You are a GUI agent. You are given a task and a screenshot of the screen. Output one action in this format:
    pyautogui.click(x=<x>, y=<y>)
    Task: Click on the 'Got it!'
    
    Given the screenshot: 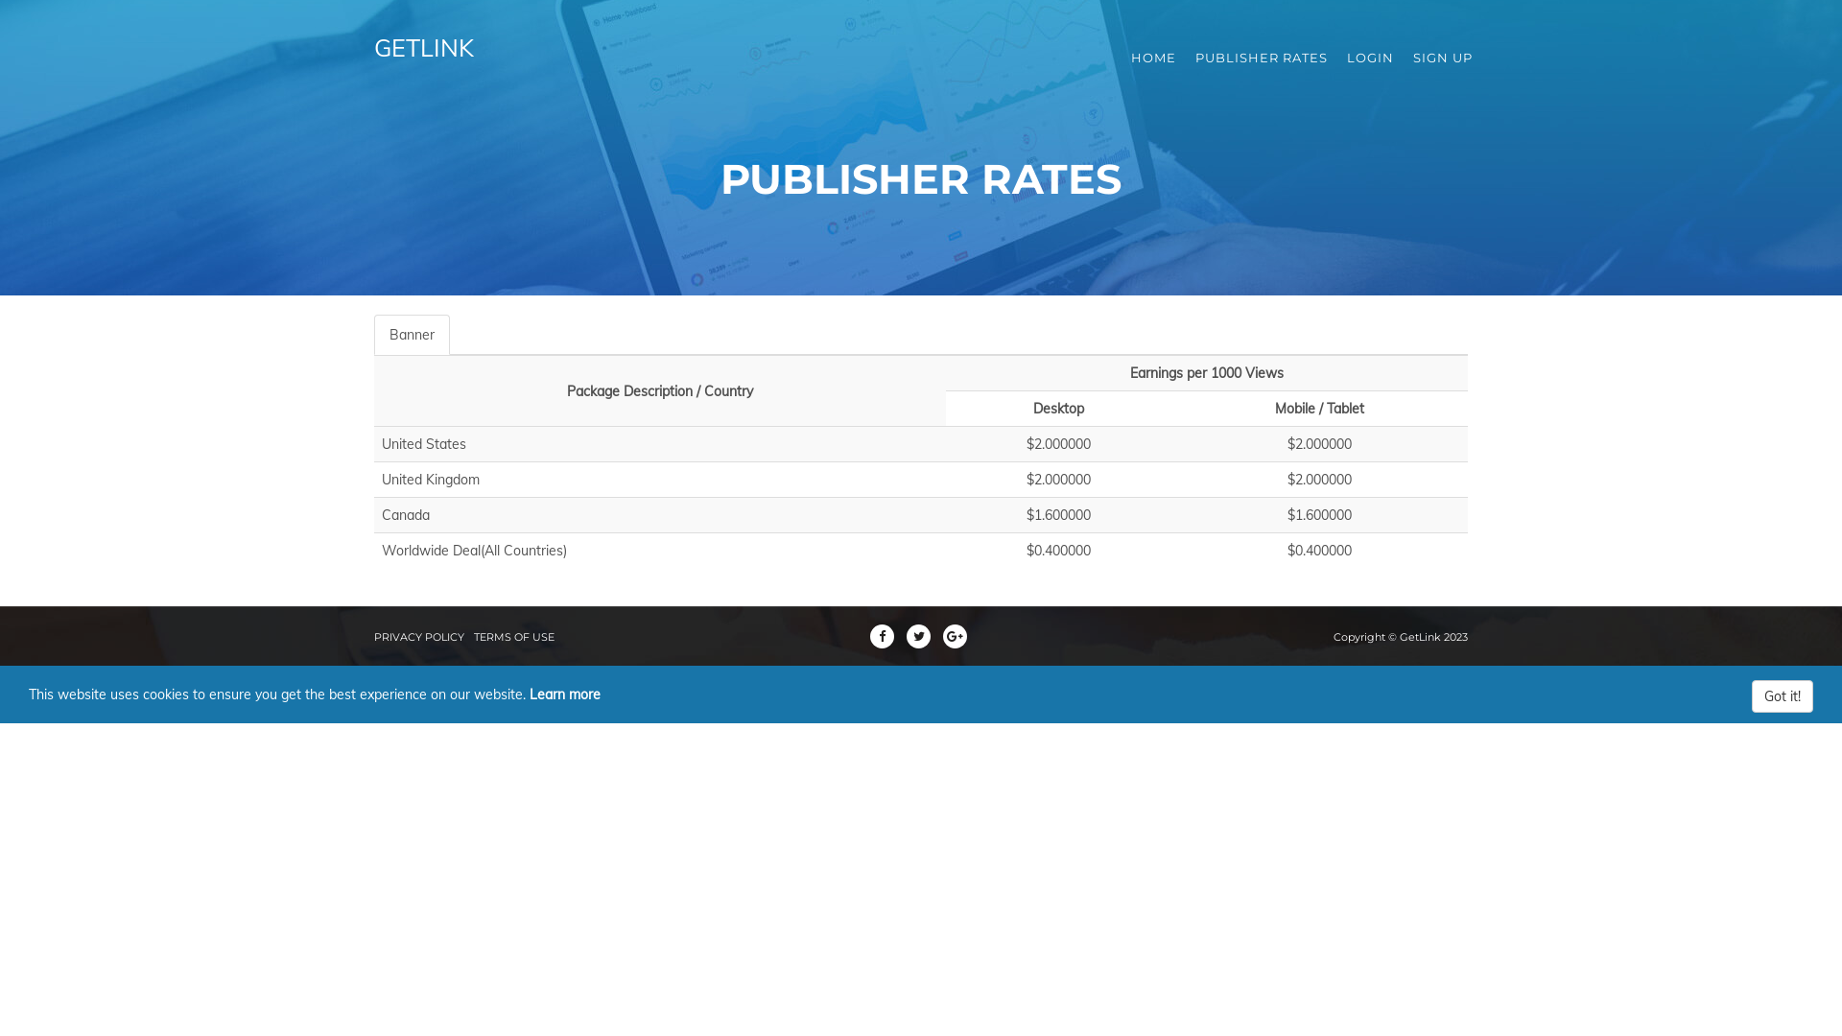 What is the action you would take?
    pyautogui.click(x=1781, y=695)
    